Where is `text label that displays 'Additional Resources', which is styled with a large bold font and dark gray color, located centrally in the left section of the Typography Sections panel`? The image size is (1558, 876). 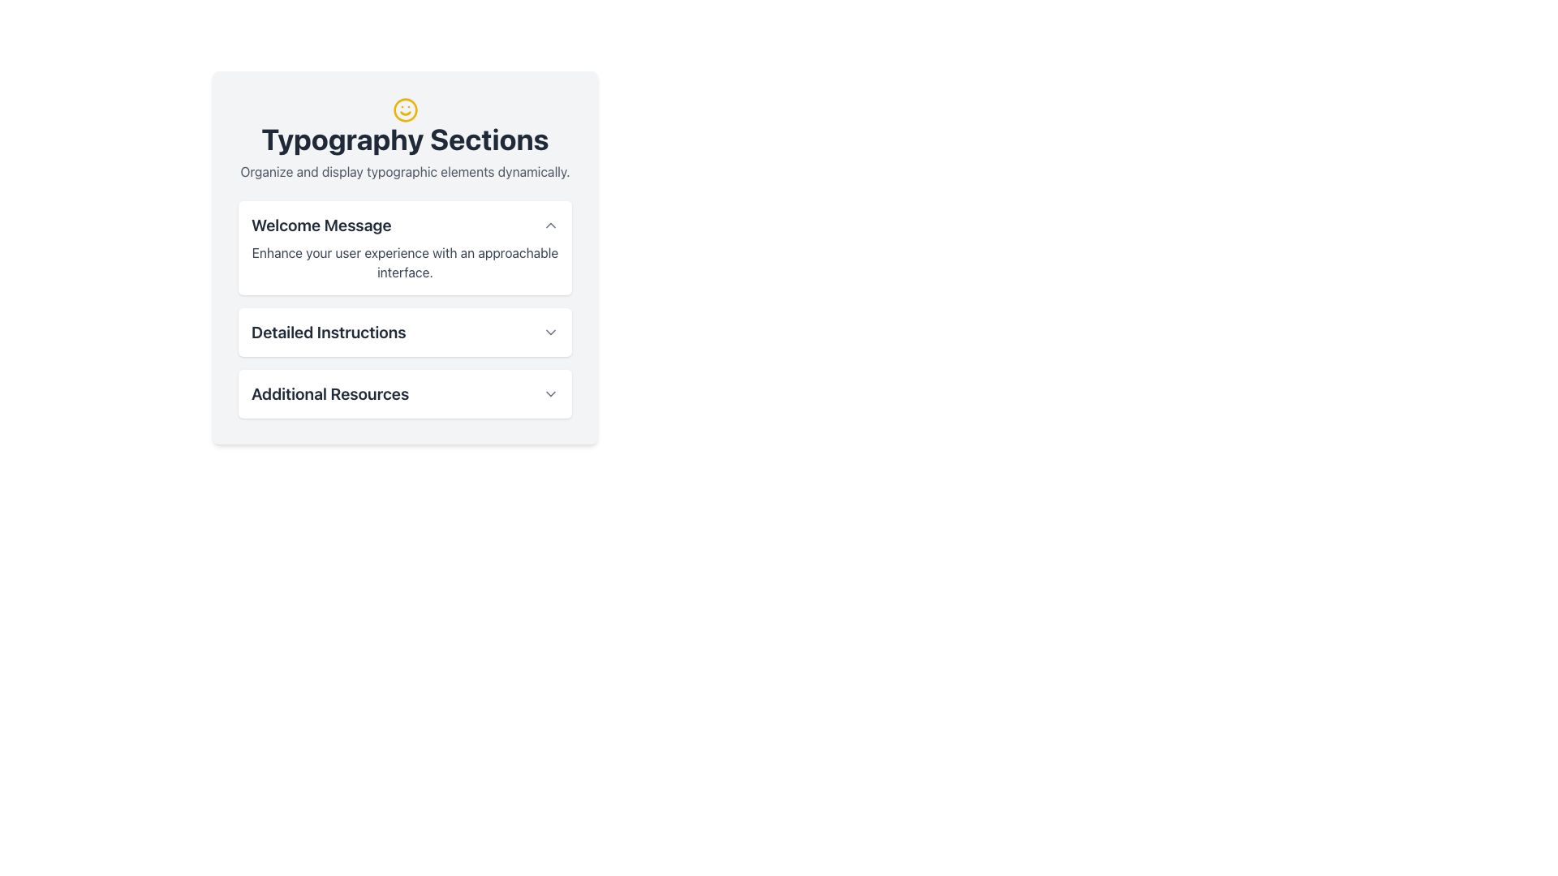
text label that displays 'Additional Resources', which is styled with a large bold font and dark gray color, located centrally in the left section of the Typography Sections panel is located at coordinates (329, 394).